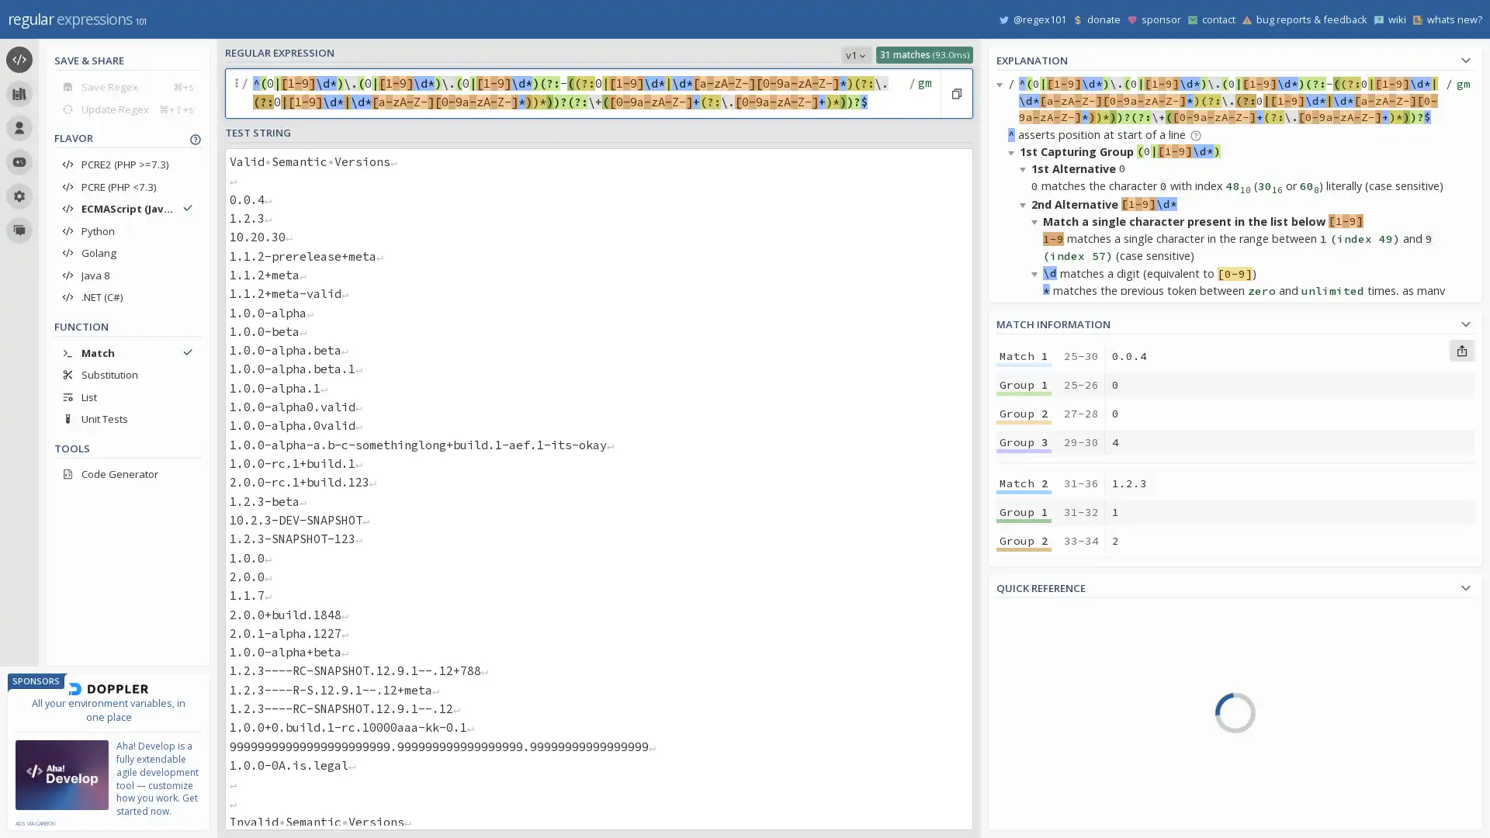  I want to click on Collapse Subtree, so click(1037, 607).